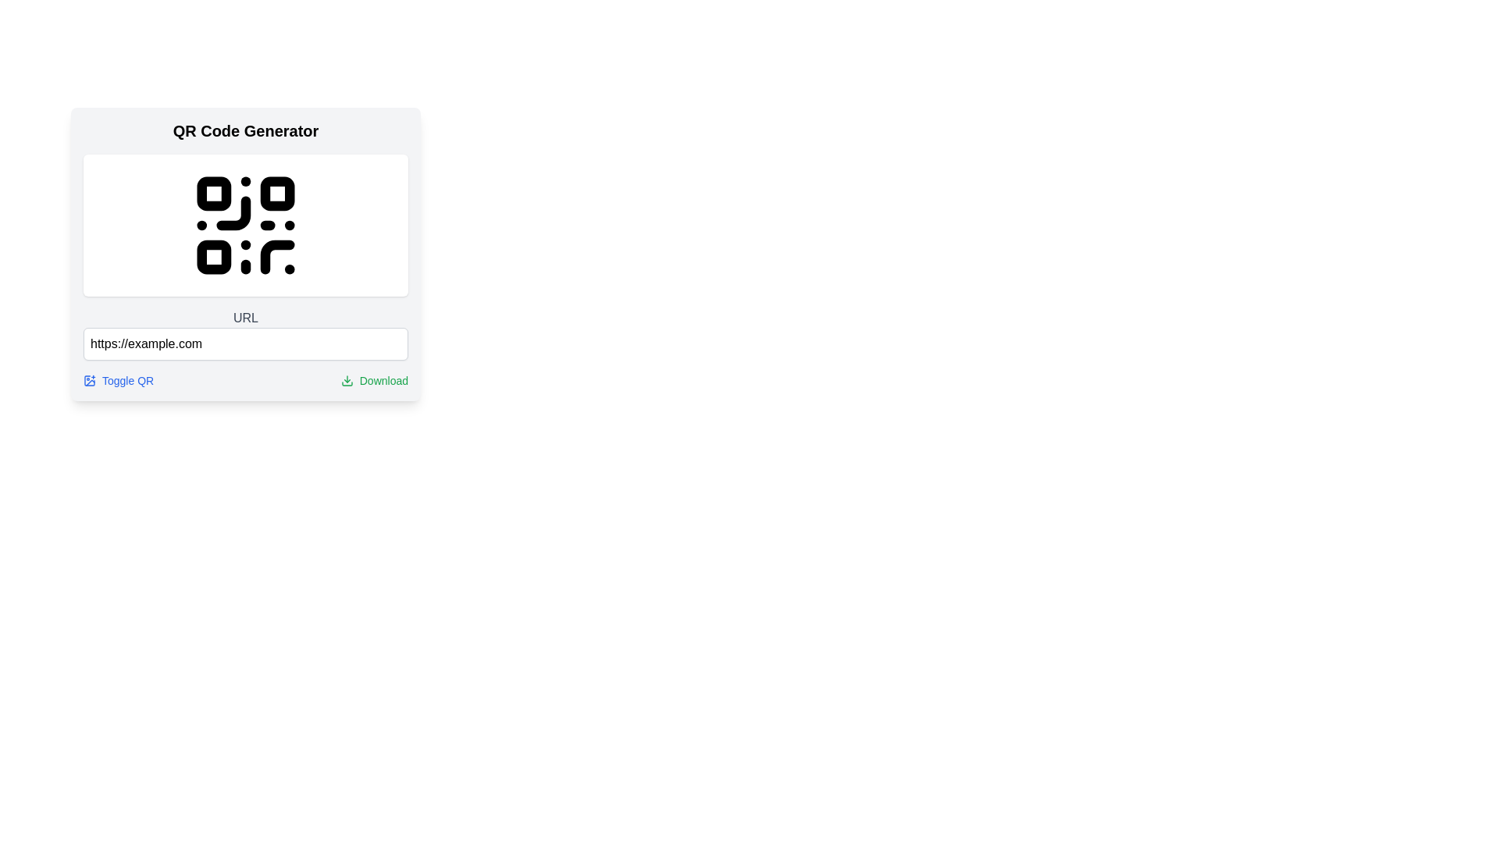  Describe the element at coordinates (118, 381) in the screenshot. I see `the Anchor link styled with blue font and an embedded QR code icon labeled 'Toggle QR'` at that location.